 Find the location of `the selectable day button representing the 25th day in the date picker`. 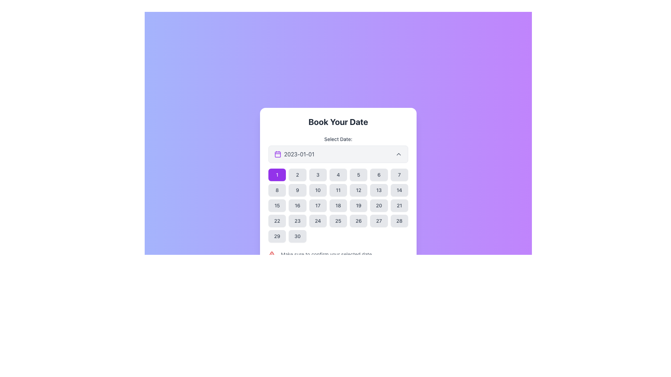

the selectable day button representing the 25th day in the date picker is located at coordinates (338, 221).